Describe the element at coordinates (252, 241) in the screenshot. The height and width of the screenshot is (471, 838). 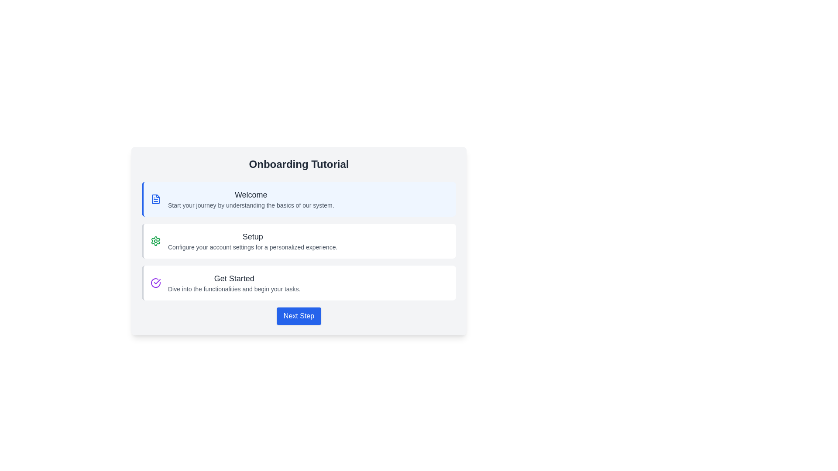
I see `descriptive Text block about configuring account settings for personalization located in the second section of the 'Onboarding Tutorial' interface, positioned between 'Welcome' and 'Get Started'` at that location.